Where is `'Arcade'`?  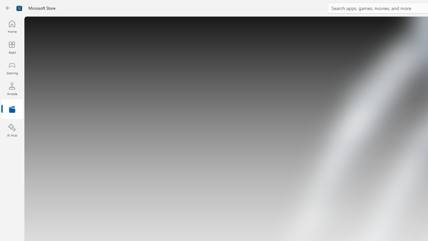 'Arcade' is located at coordinates (12, 88).